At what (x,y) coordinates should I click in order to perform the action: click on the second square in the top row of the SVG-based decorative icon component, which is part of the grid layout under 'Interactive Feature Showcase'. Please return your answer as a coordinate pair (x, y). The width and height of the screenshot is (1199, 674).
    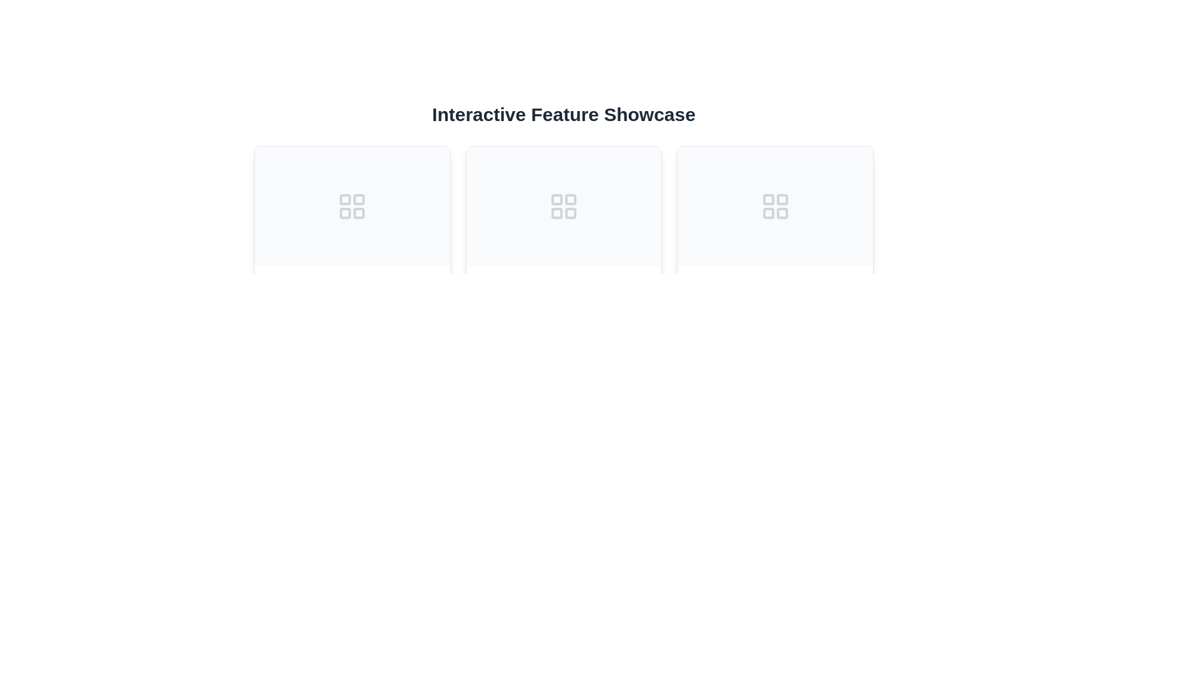
    Looking at the image, I should click on (358, 199).